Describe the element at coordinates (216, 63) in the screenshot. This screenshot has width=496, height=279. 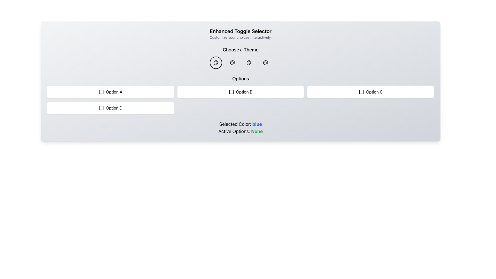
I see `the central graphical icon of the 'Choose a Theme' palette located at the top center of the interface` at that location.